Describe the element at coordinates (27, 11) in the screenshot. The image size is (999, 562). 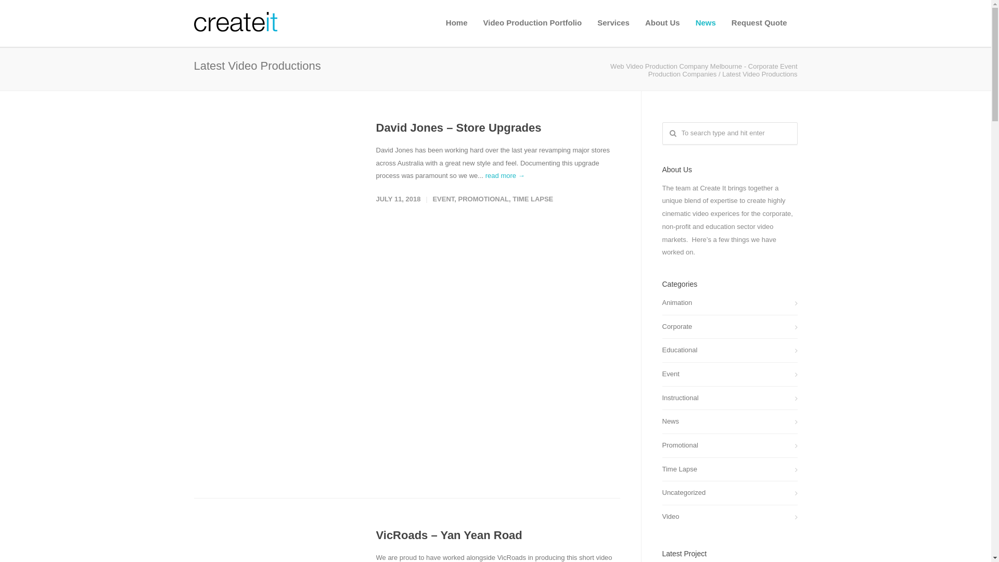
I see `'Search'` at that location.